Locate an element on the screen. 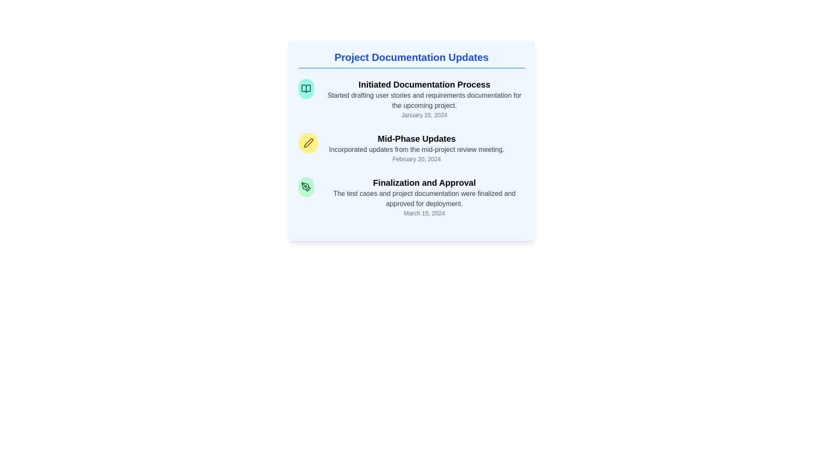 The image size is (813, 457). textual block titled 'Mid-Phase Updates' which contains a description and a date, positioned centrally within the second item of a card is located at coordinates (417, 148).